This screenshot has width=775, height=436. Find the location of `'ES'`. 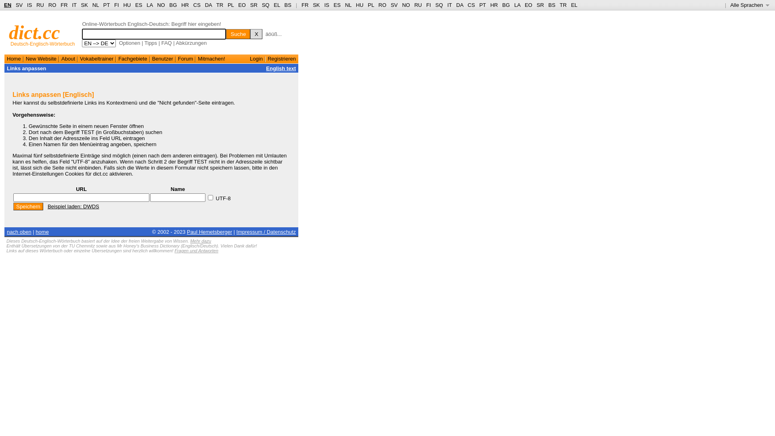

'ES' is located at coordinates (333, 5).